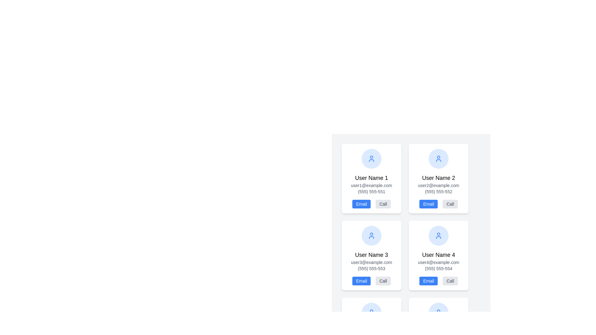  What do you see at coordinates (428, 204) in the screenshot?
I see `the email button located to the left of the second button in the bottom section of the card displaying contact information for 'User Name 2'` at bounding box center [428, 204].